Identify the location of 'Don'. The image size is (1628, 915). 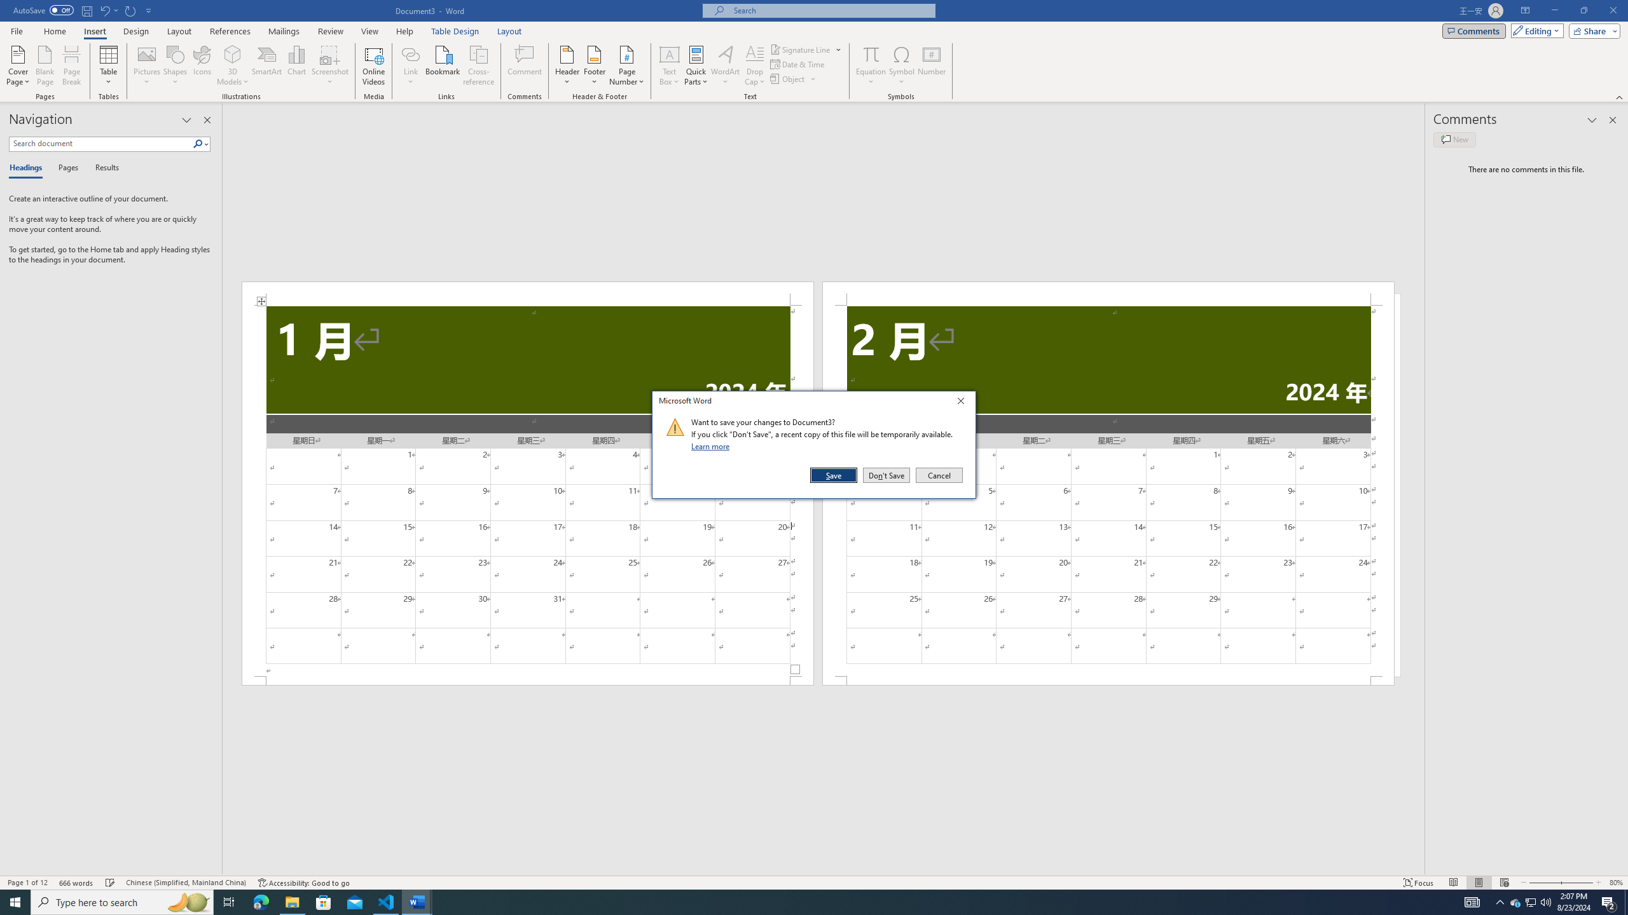
(886, 475).